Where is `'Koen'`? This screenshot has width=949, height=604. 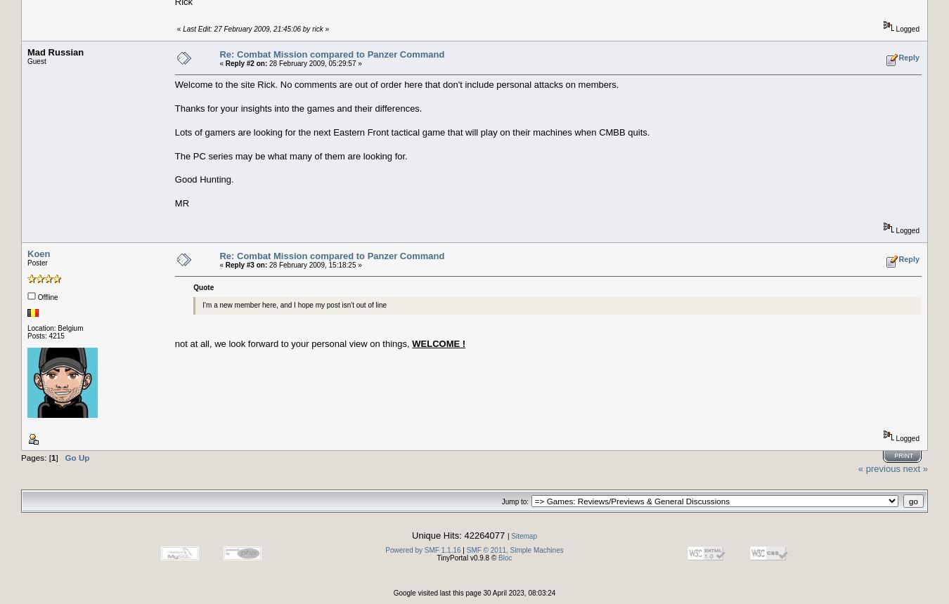
'Koen' is located at coordinates (37, 254).